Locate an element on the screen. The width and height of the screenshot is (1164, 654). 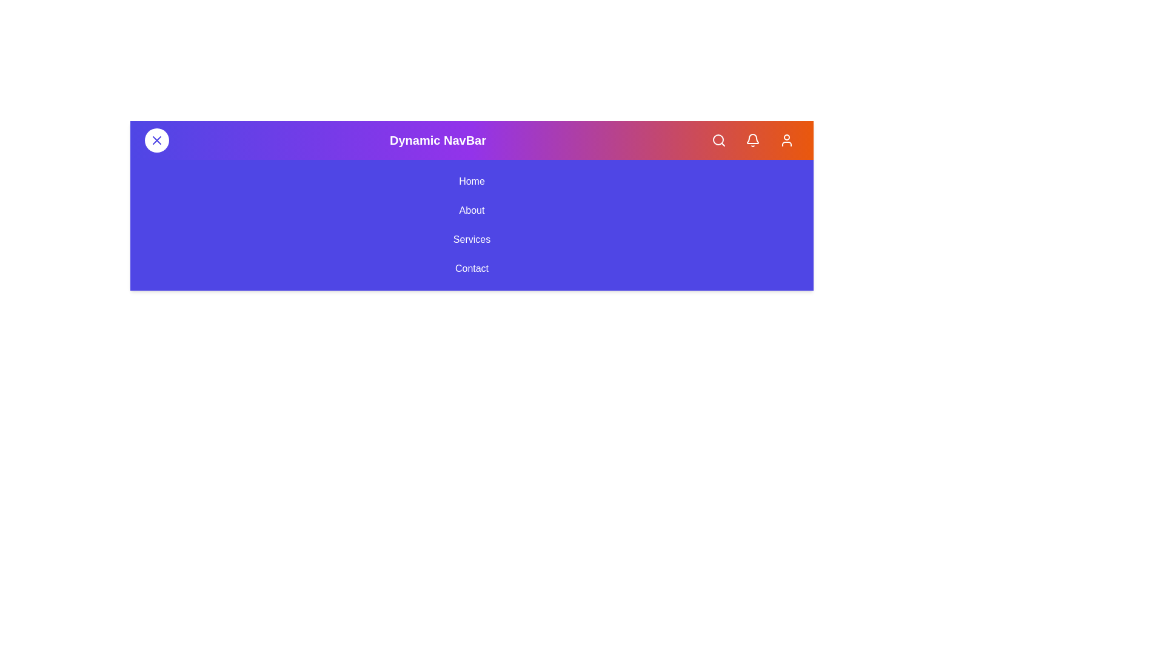
the navigation menu link labeled Services is located at coordinates (471, 240).